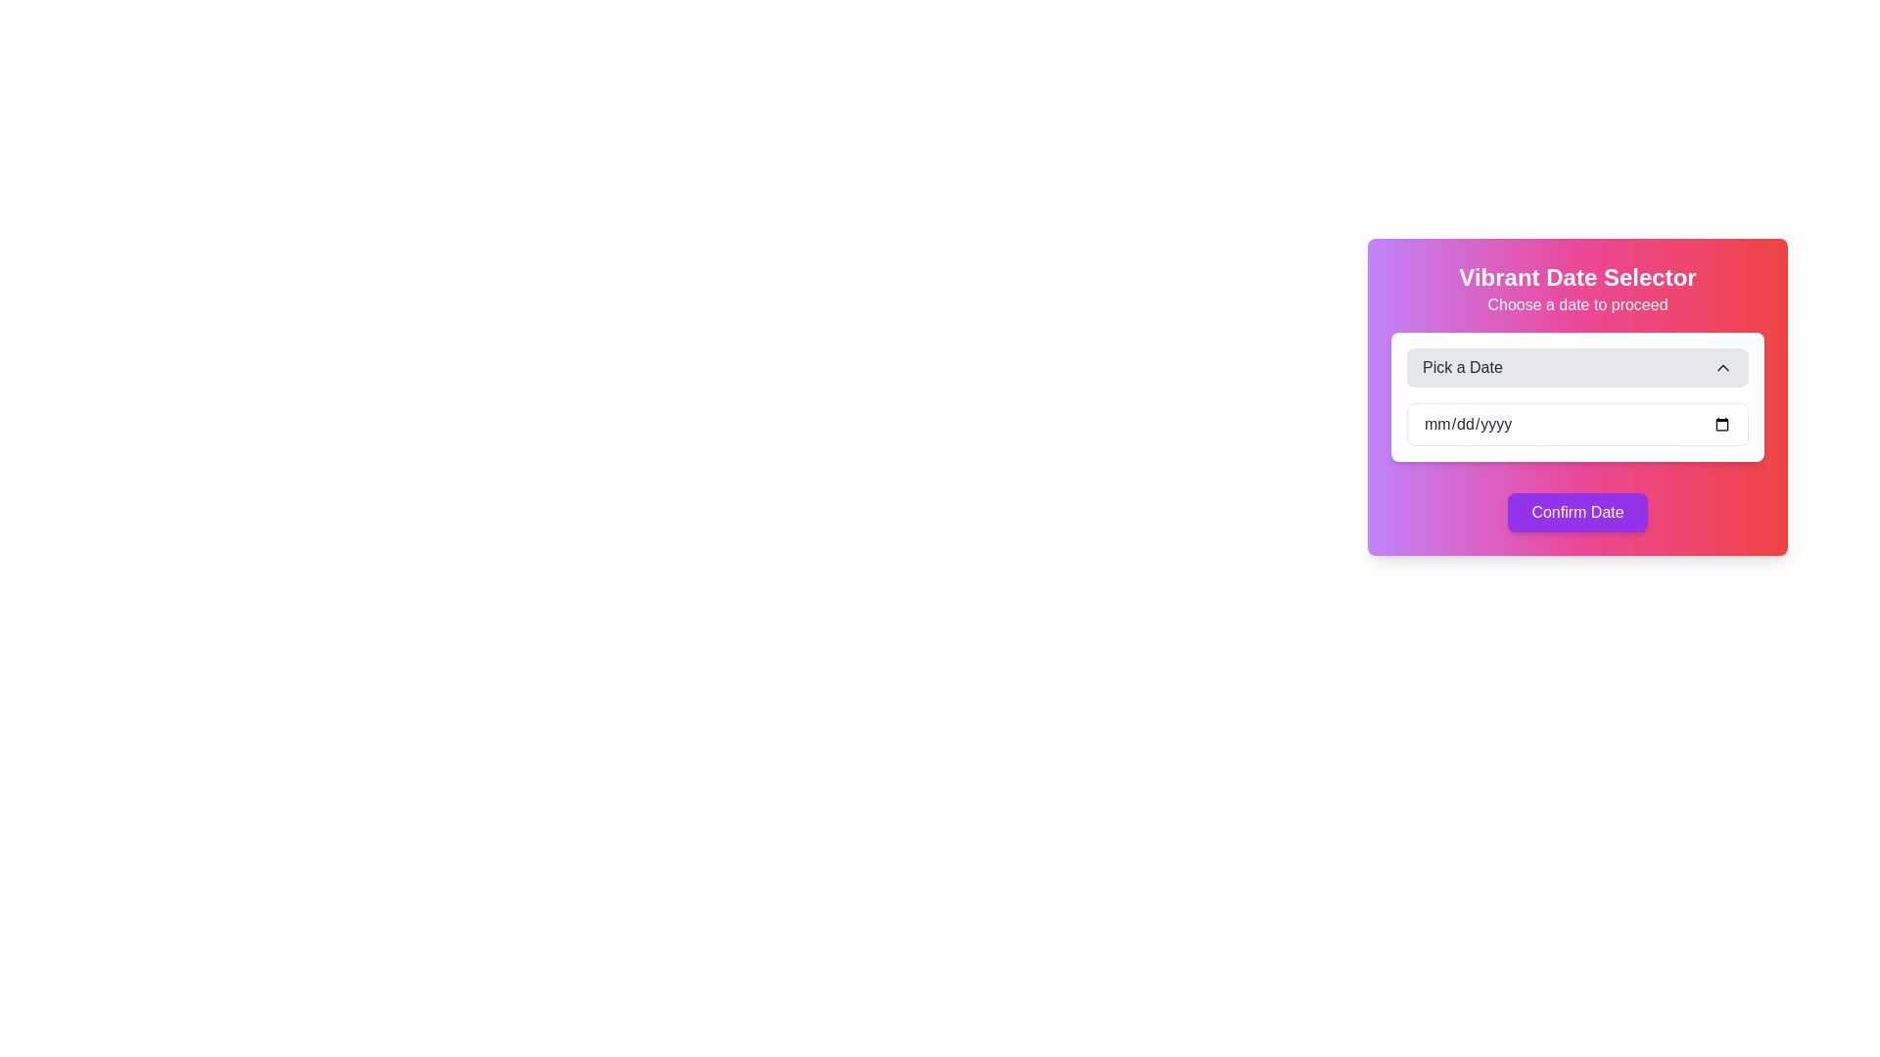 The image size is (1880, 1057). I want to click on the date input field positioned below the 'Pick a Date' input field to trigger a tooltip or visual feedback, so click(1577, 424).